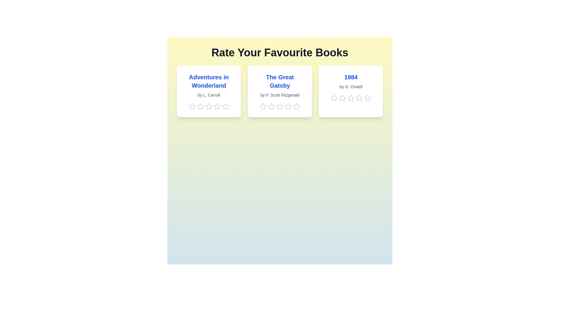 Image resolution: width=573 pixels, height=322 pixels. What do you see at coordinates (288, 106) in the screenshot?
I see `the 4 star for the book titled 'The Great Gatsby'` at bounding box center [288, 106].